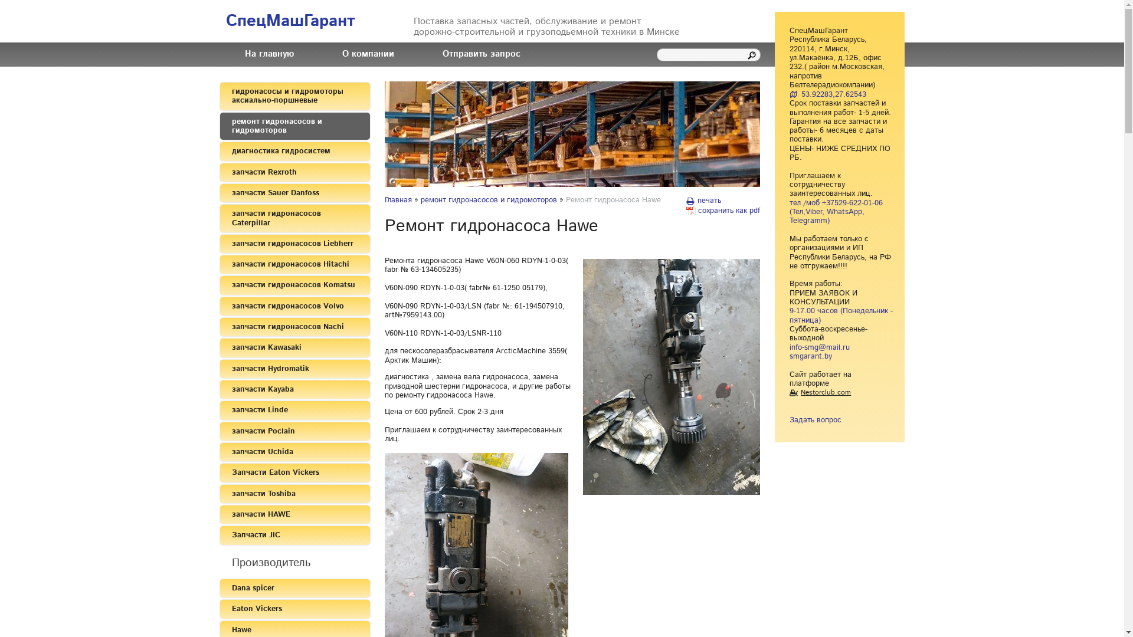  Describe the element at coordinates (820, 392) in the screenshot. I see `'Nestorclub.com'` at that location.